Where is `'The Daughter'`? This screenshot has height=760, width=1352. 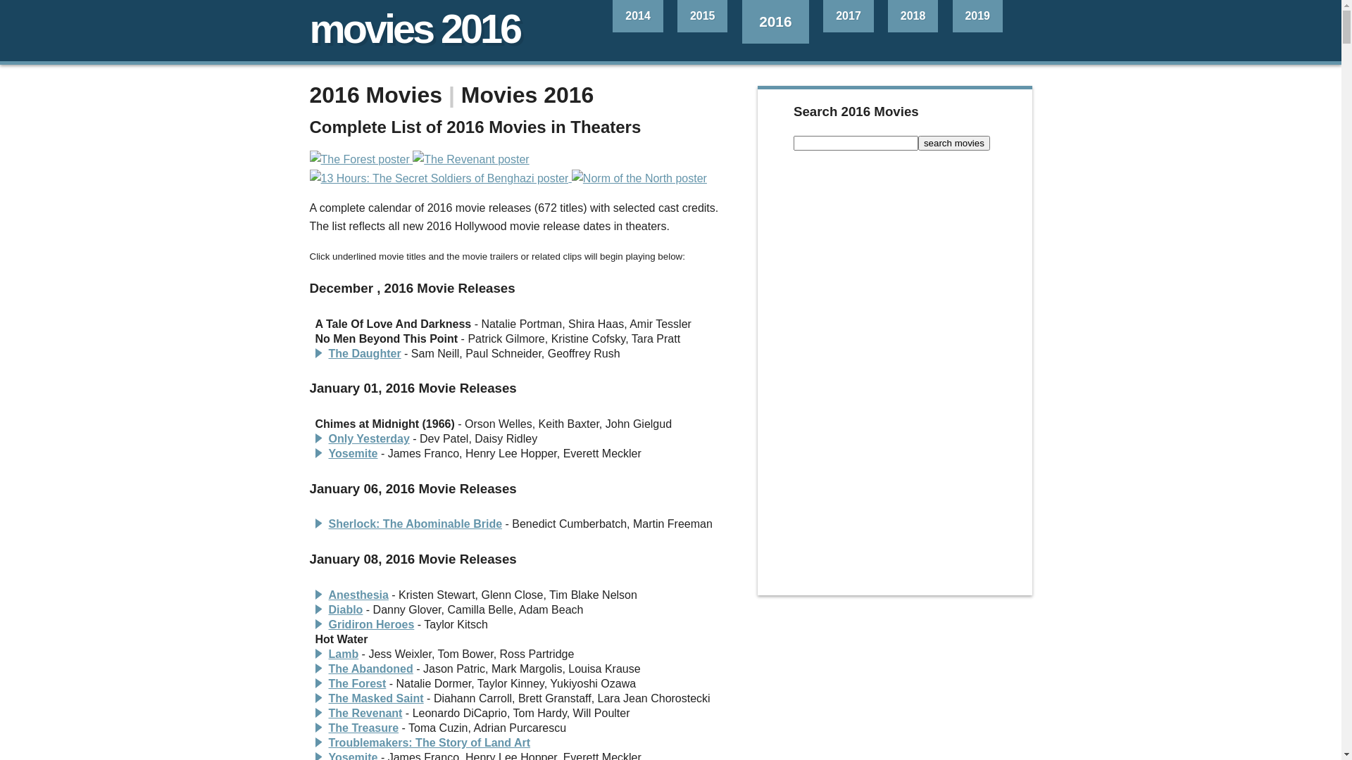 'The Daughter' is located at coordinates (364, 353).